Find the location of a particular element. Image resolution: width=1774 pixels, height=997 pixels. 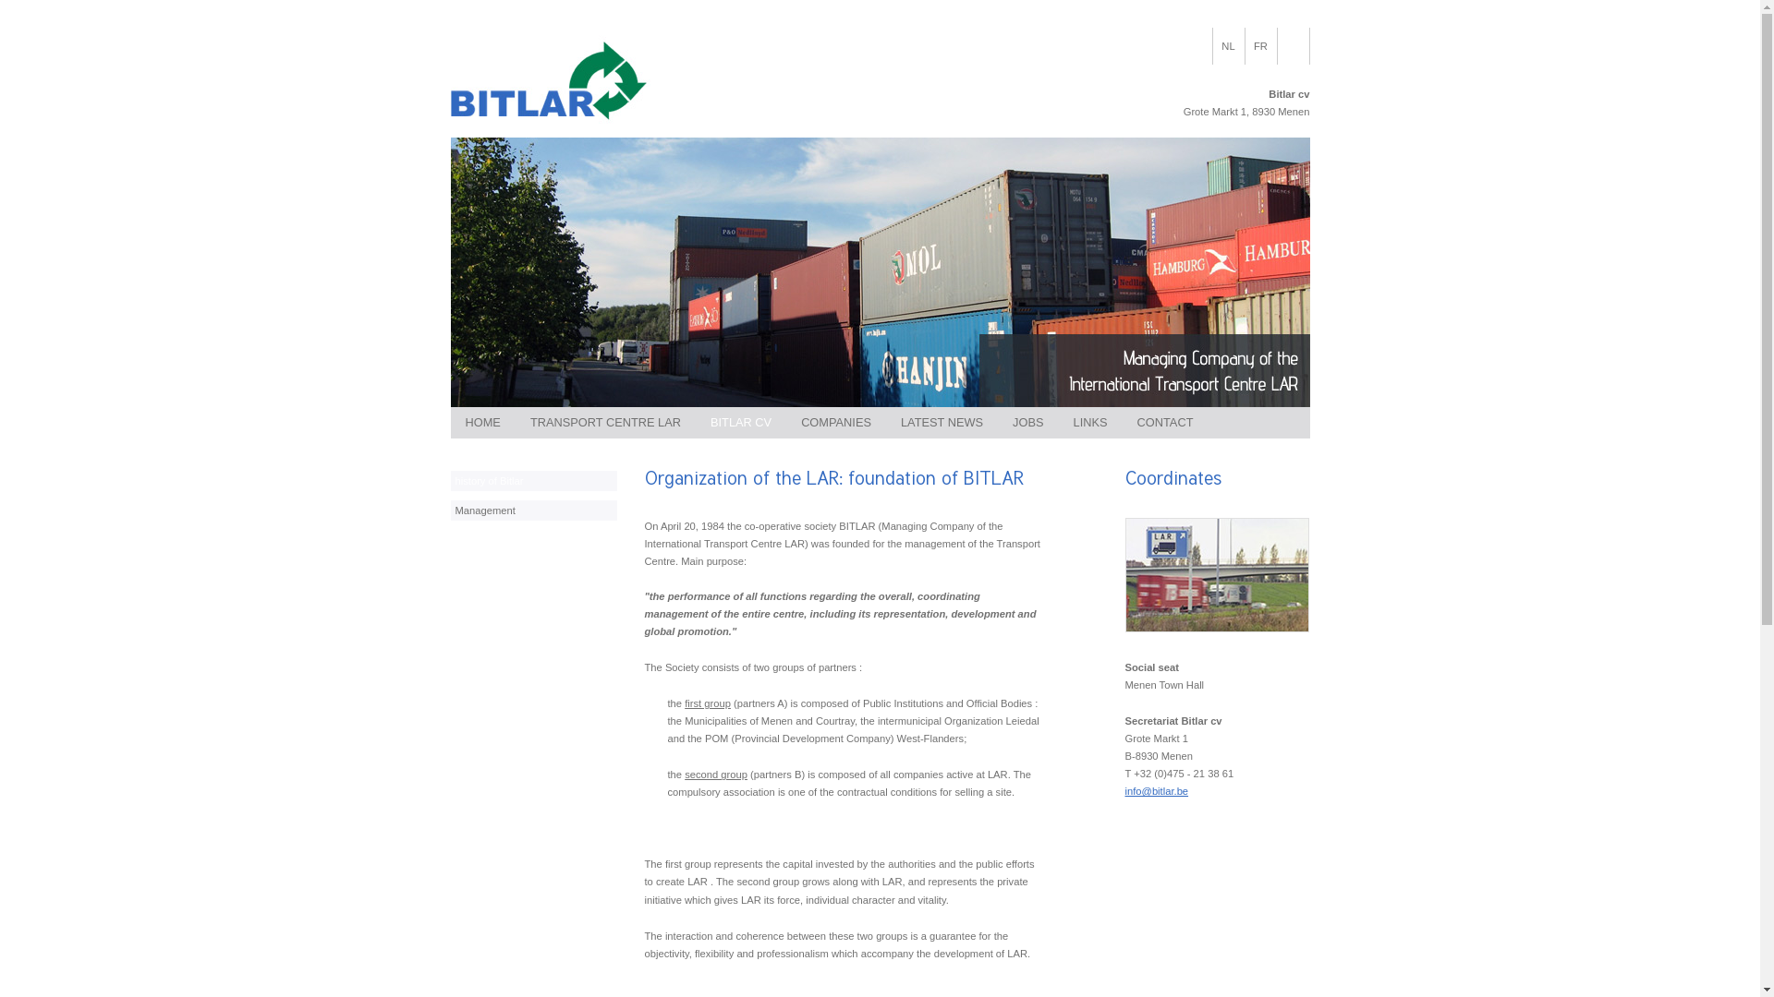

'COMPANIES' is located at coordinates (835, 423).